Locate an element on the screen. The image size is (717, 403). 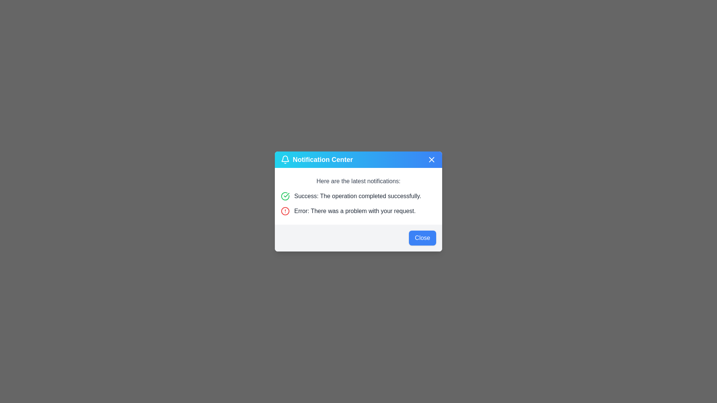
the 'Close' button located in the bottom-right corner of the dialog box is located at coordinates (422, 238).